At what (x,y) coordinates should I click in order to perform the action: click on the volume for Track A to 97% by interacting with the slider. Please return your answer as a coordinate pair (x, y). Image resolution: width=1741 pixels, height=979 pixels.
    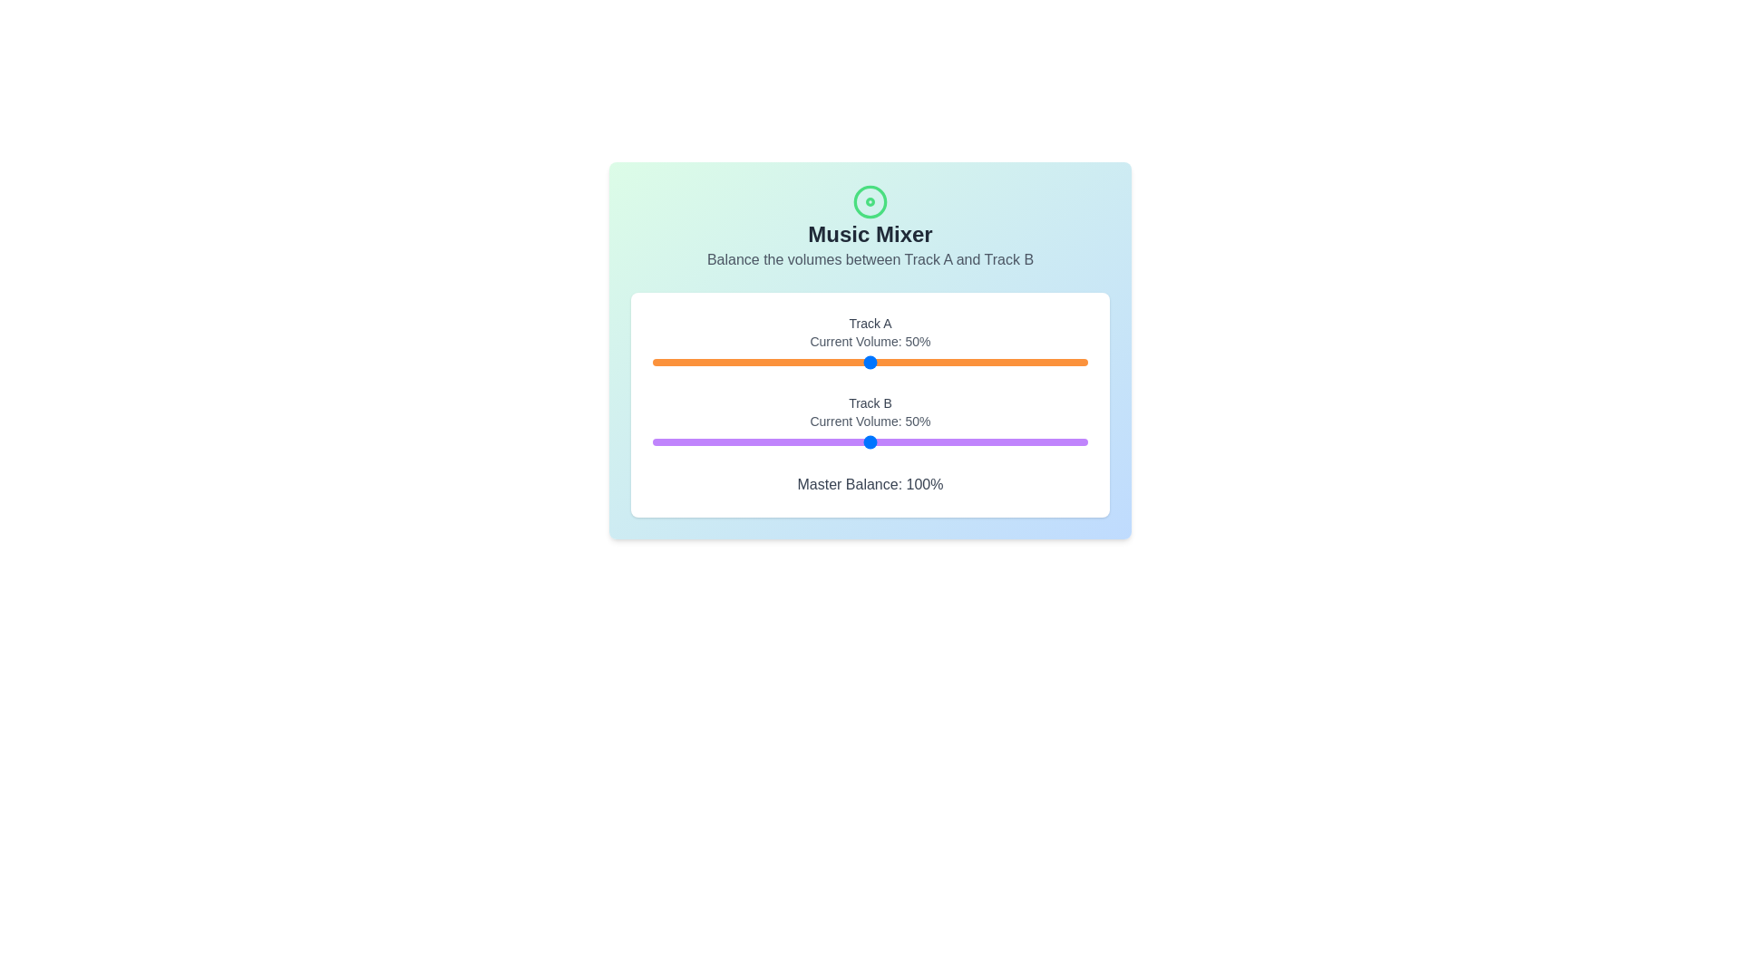
    Looking at the image, I should click on (1075, 363).